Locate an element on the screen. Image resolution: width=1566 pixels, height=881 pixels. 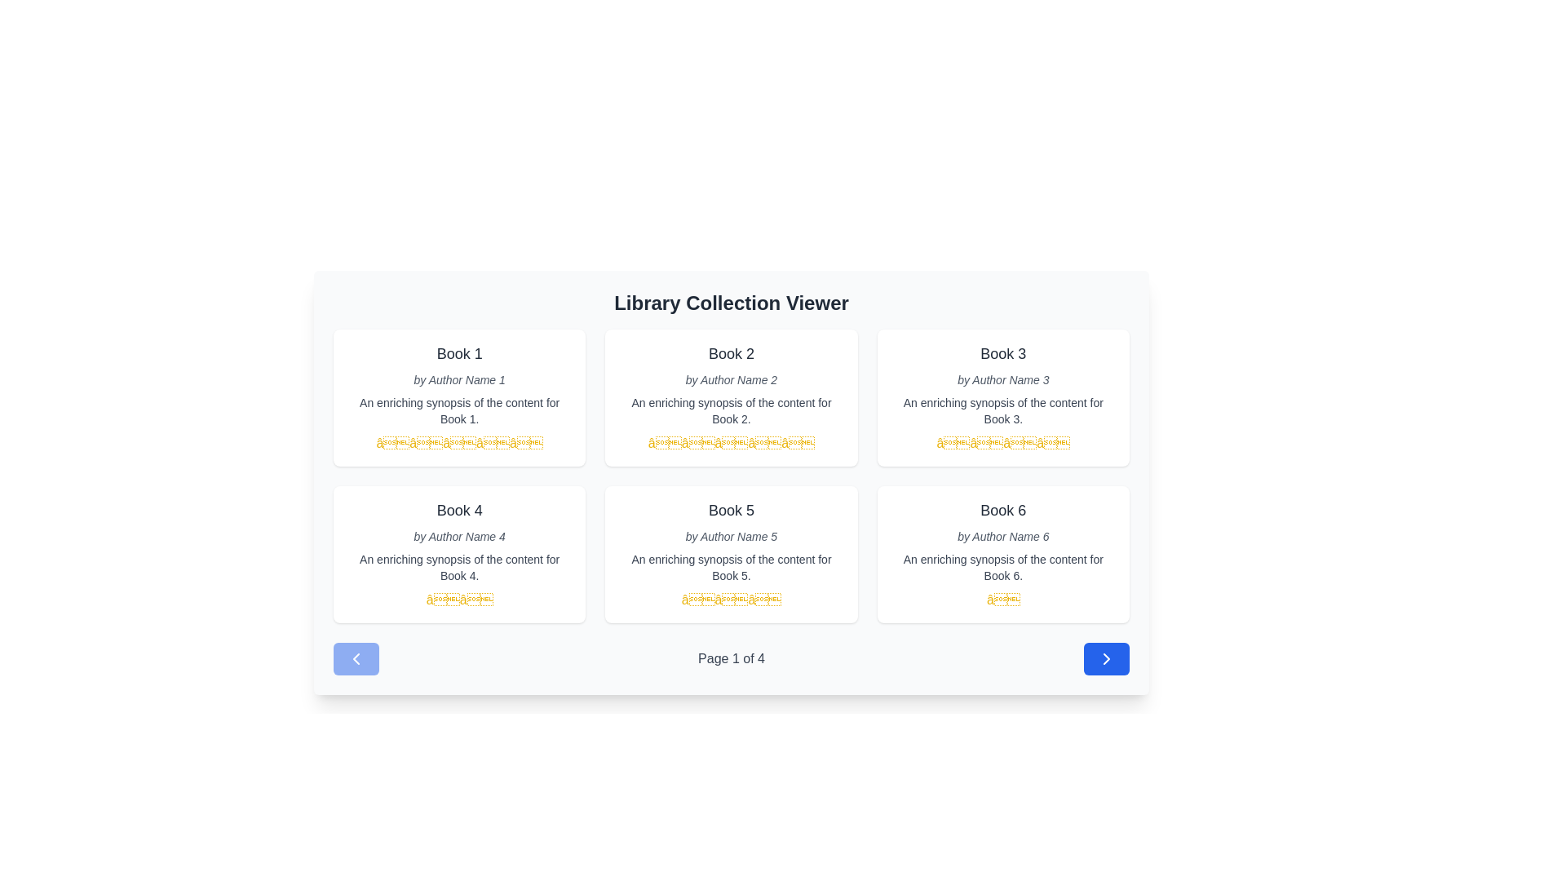
the first star icon in the two-star rating section below 'Book 4' in the library setup is located at coordinates (443, 600).